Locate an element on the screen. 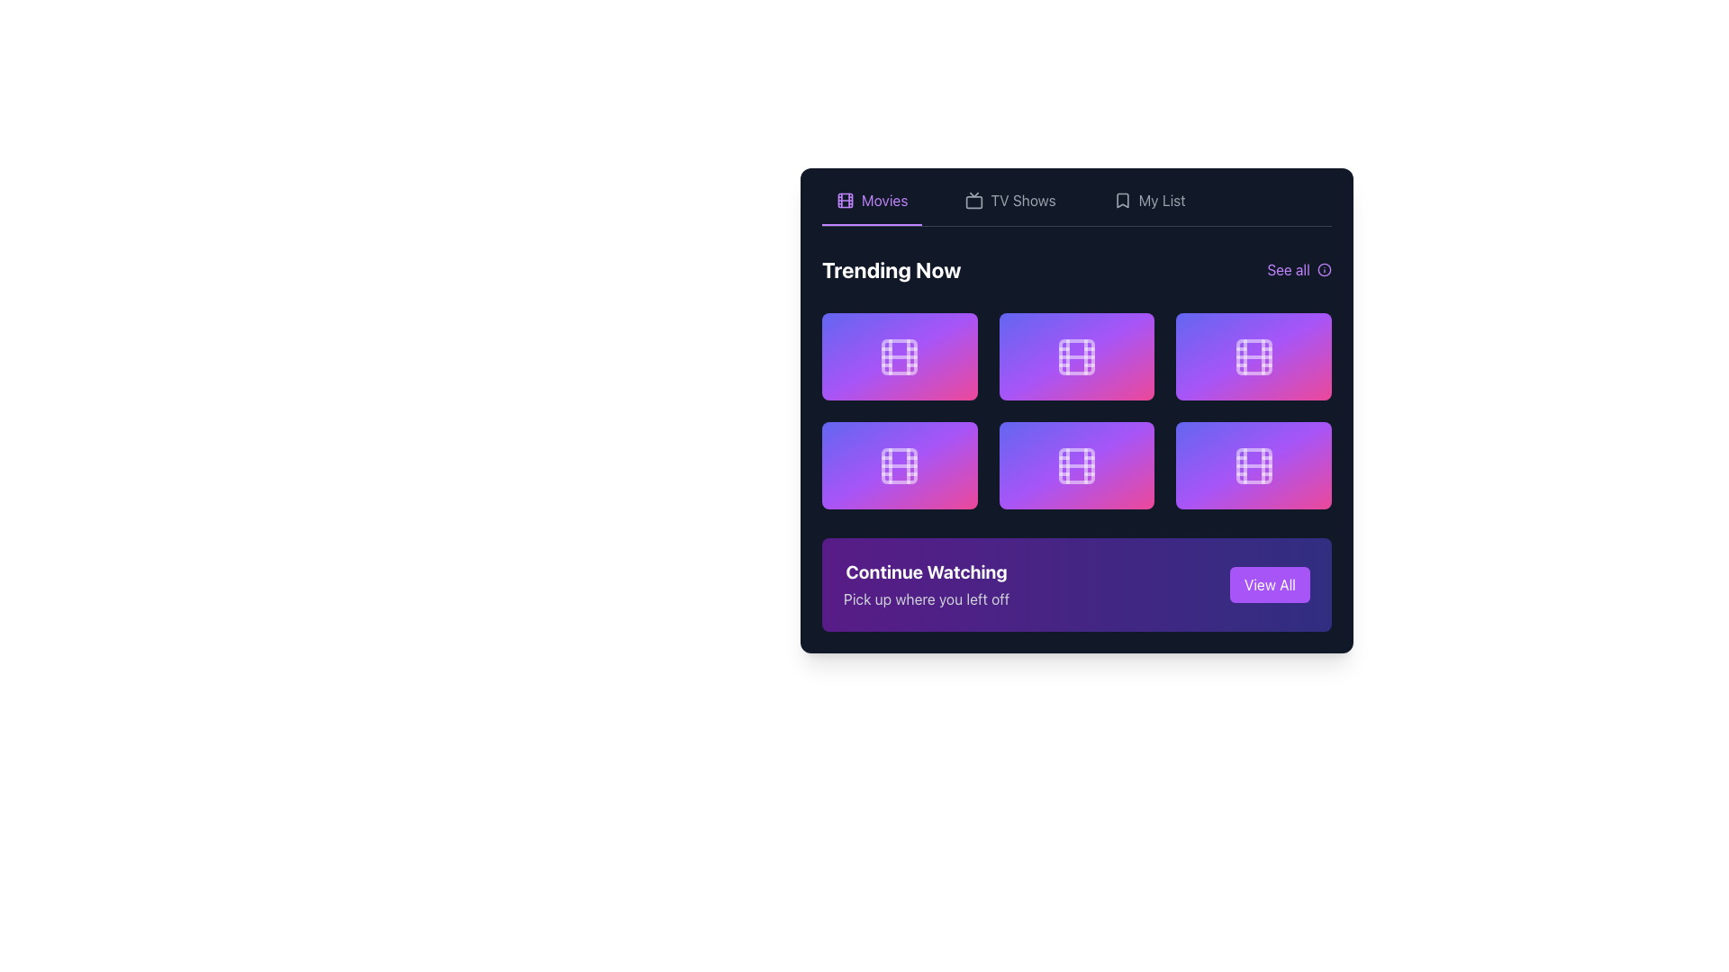 The height and width of the screenshot is (972, 1729). the text label located in the navigation bar next to the bookmark icon is located at coordinates (1162, 201).